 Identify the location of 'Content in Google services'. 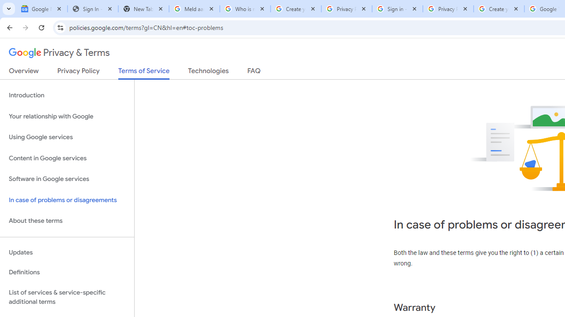
(67, 158).